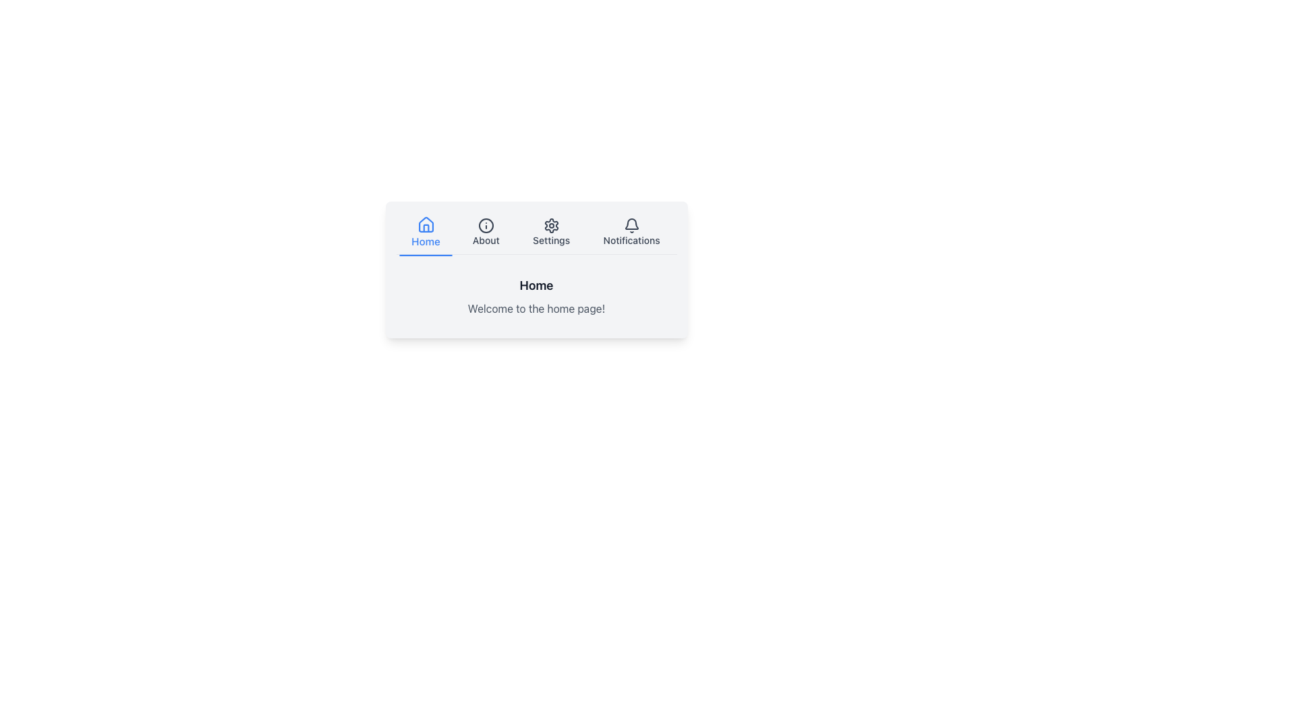 The height and width of the screenshot is (728, 1295). I want to click on the 'About' text label, so click(486, 240).